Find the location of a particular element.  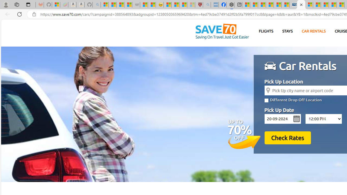

'FLIGHTS' is located at coordinates (266, 31).